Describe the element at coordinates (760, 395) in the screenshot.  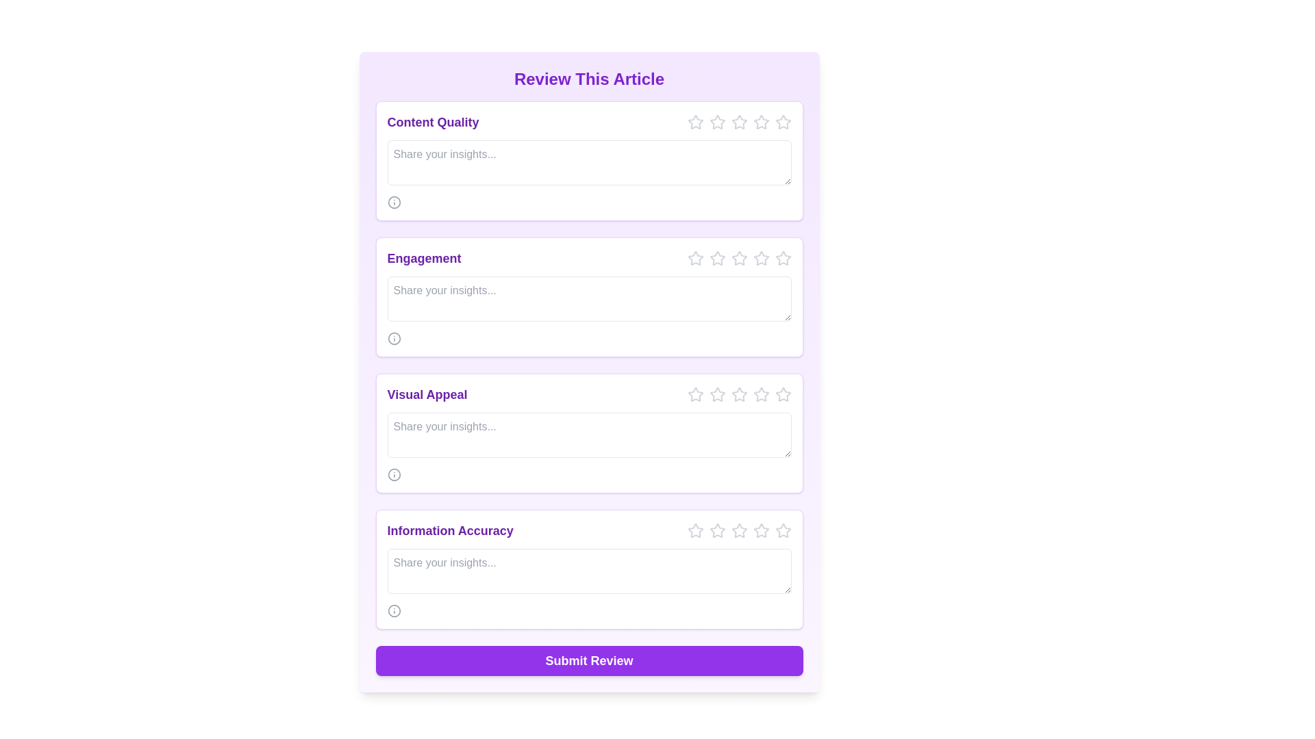
I see `the fifth star icon for rating, which is gray and located to the right of the text field labeled 'Visual Appeal'` at that location.